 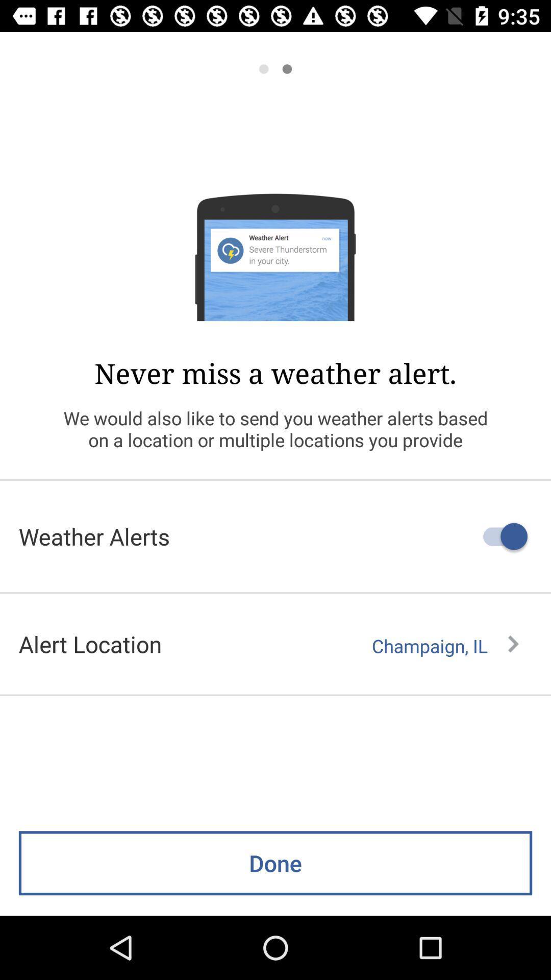 I want to click on champaign, il item, so click(x=444, y=646).